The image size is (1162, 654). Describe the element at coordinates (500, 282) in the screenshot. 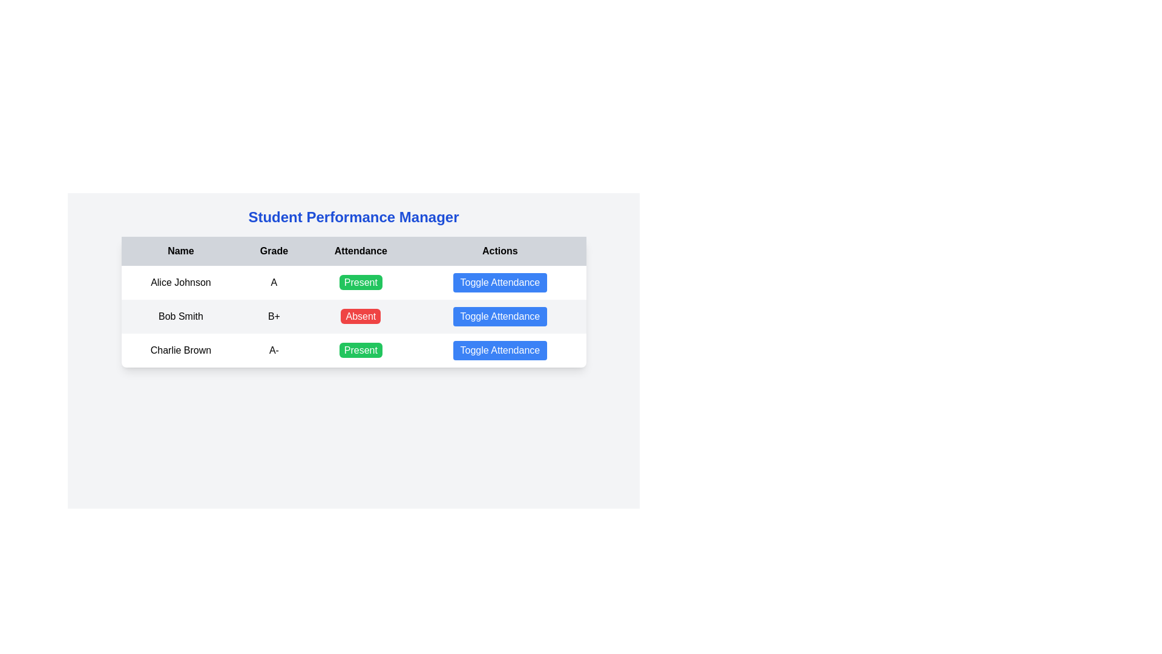

I see `the 'Toggle Attendance' button, which is a rectangular button with rounded corners and a blue background` at that location.